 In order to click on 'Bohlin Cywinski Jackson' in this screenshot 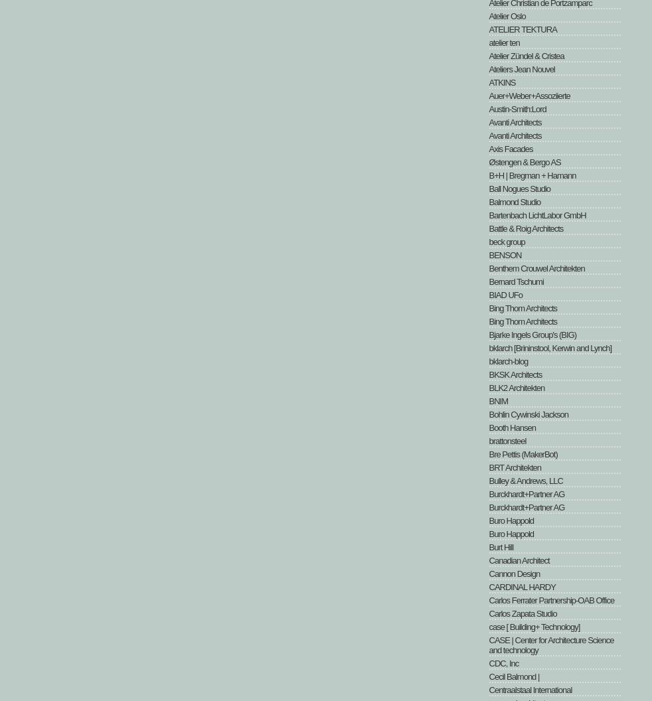, I will do `click(528, 414)`.